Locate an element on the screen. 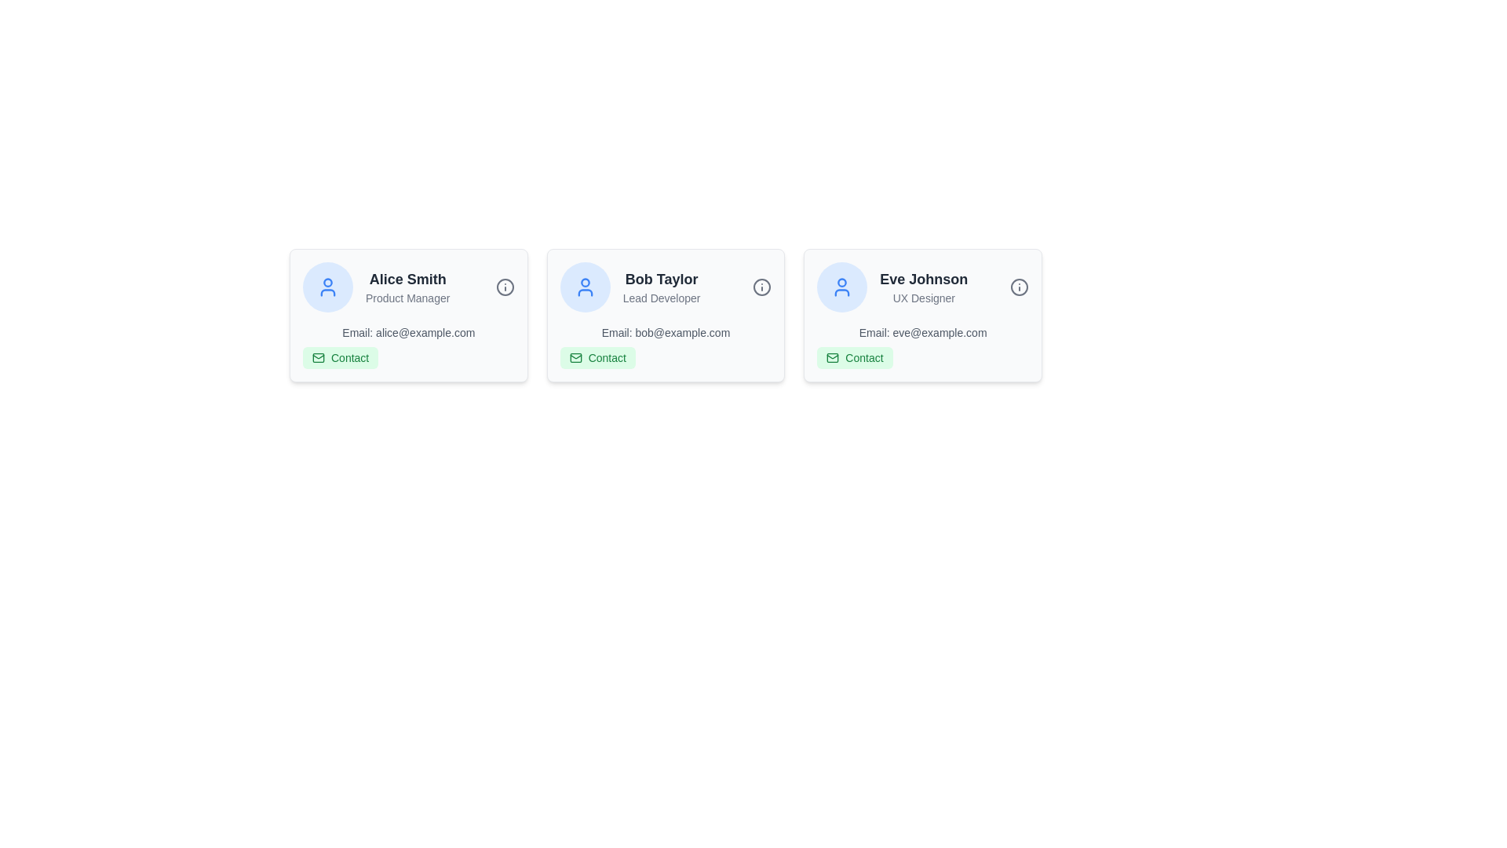 This screenshot has width=1507, height=848. the text display component showing 'Bob Taylor' and 'Lead Developer', which is the central text in the second card among three cards is located at coordinates (662, 287).